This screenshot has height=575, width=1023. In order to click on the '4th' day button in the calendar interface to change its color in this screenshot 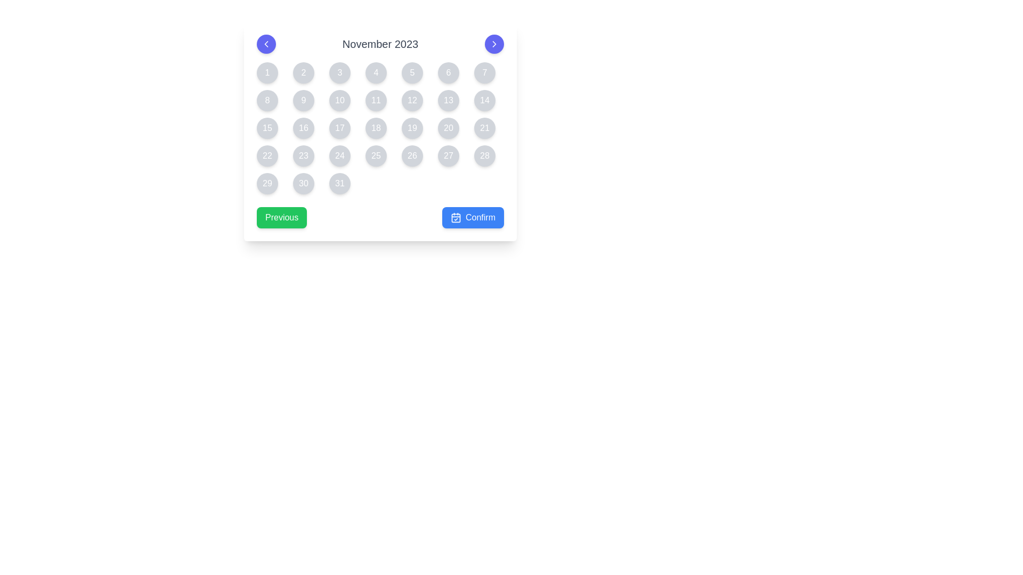, I will do `click(376, 72)`.